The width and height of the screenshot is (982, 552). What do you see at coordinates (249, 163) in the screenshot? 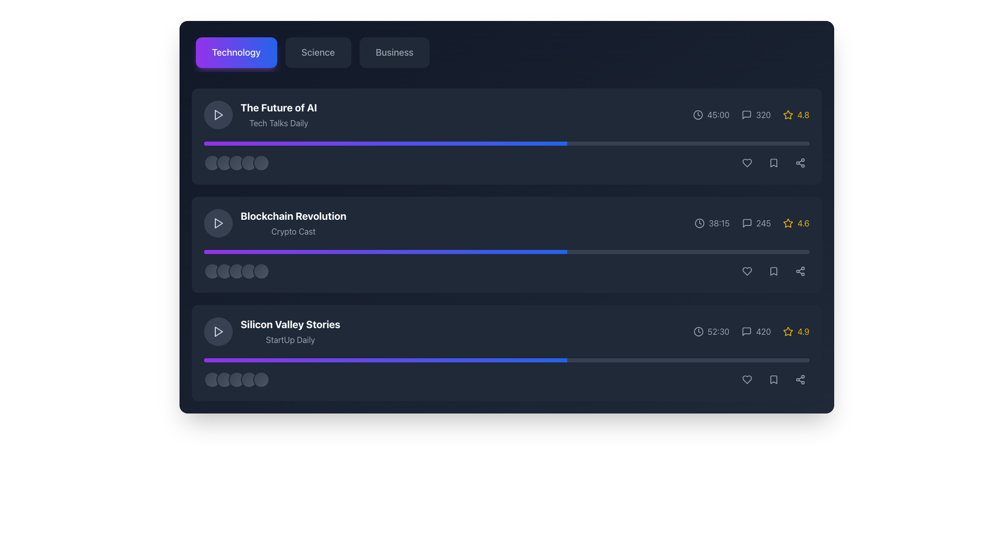
I see `the fourth circular indicator in the row of five circles under the title 'The Future of AI'` at bounding box center [249, 163].